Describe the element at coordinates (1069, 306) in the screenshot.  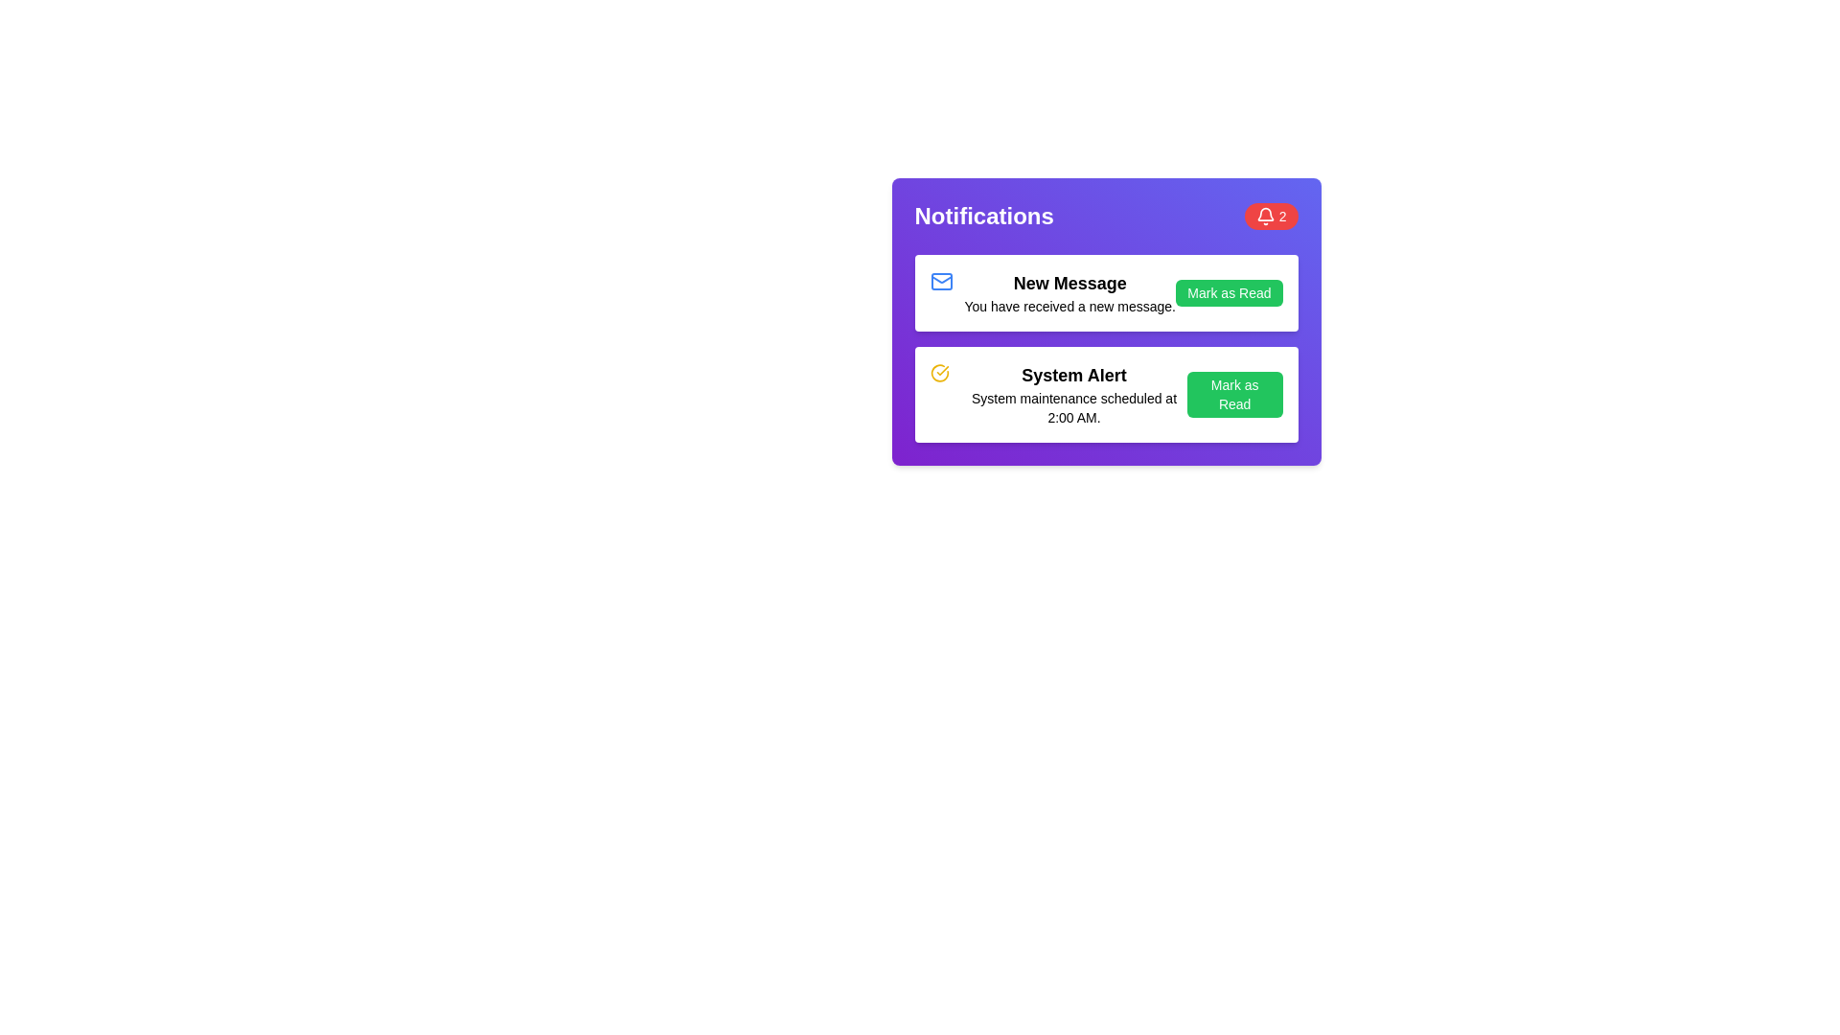
I see `the Text label that provides additional details about the 'New Message' notification, located beneath the title text in the notification card` at that location.